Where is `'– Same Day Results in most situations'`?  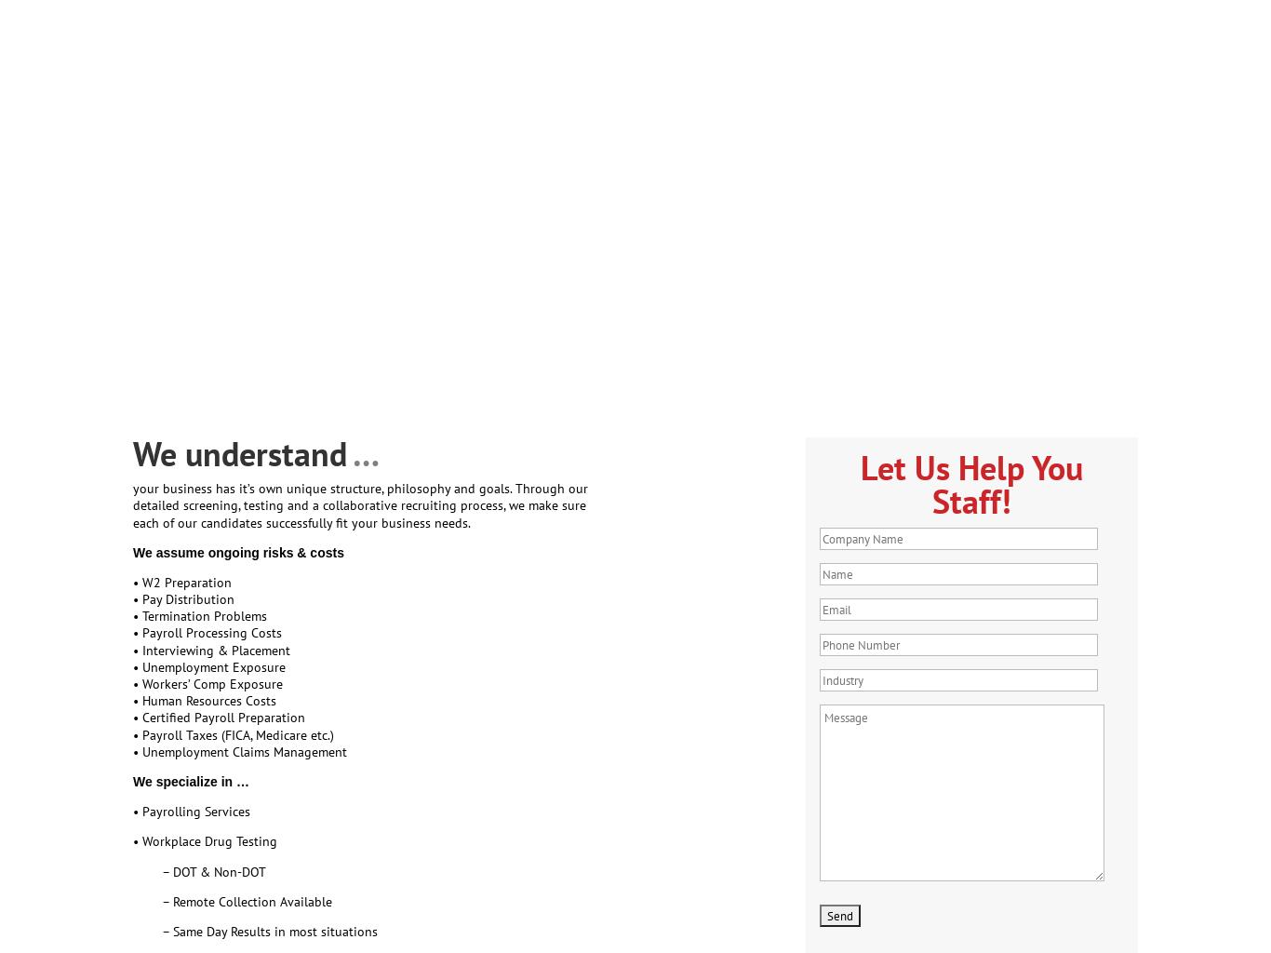
'– Same Day Results in most situations' is located at coordinates (255, 930).